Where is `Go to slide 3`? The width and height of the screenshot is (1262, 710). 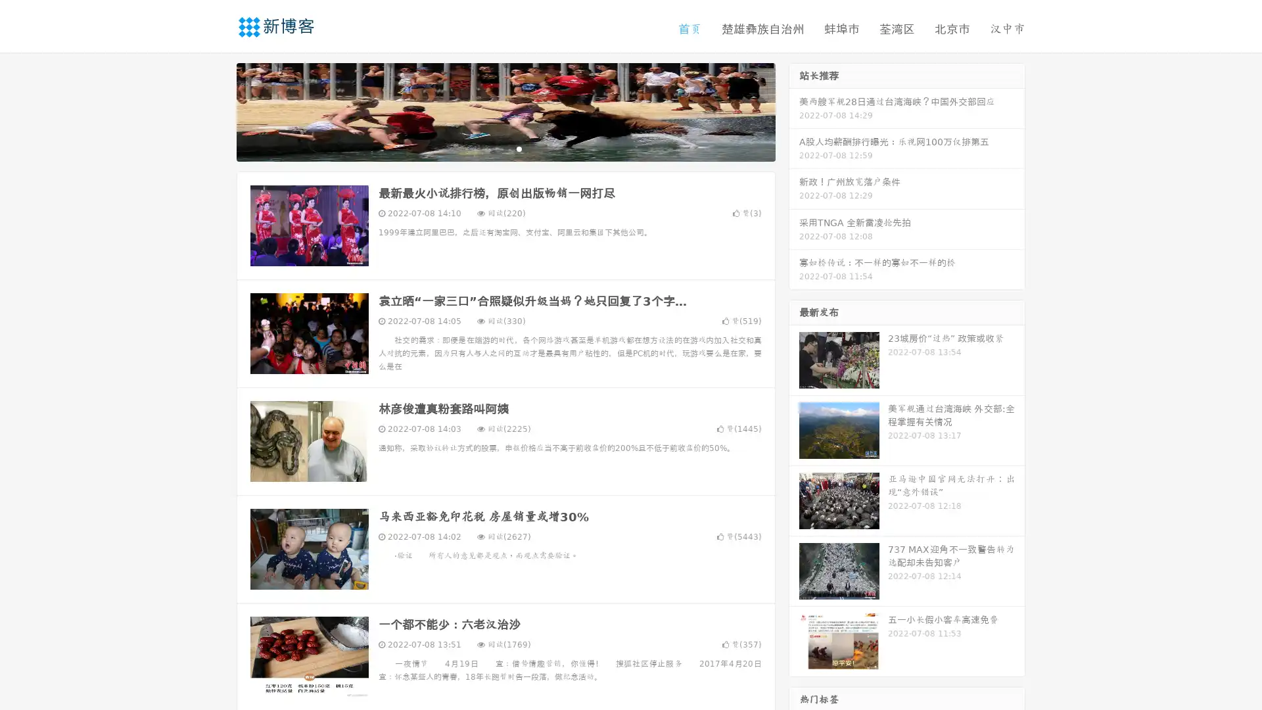 Go to slide 3 is located at coordinates (519, 148).